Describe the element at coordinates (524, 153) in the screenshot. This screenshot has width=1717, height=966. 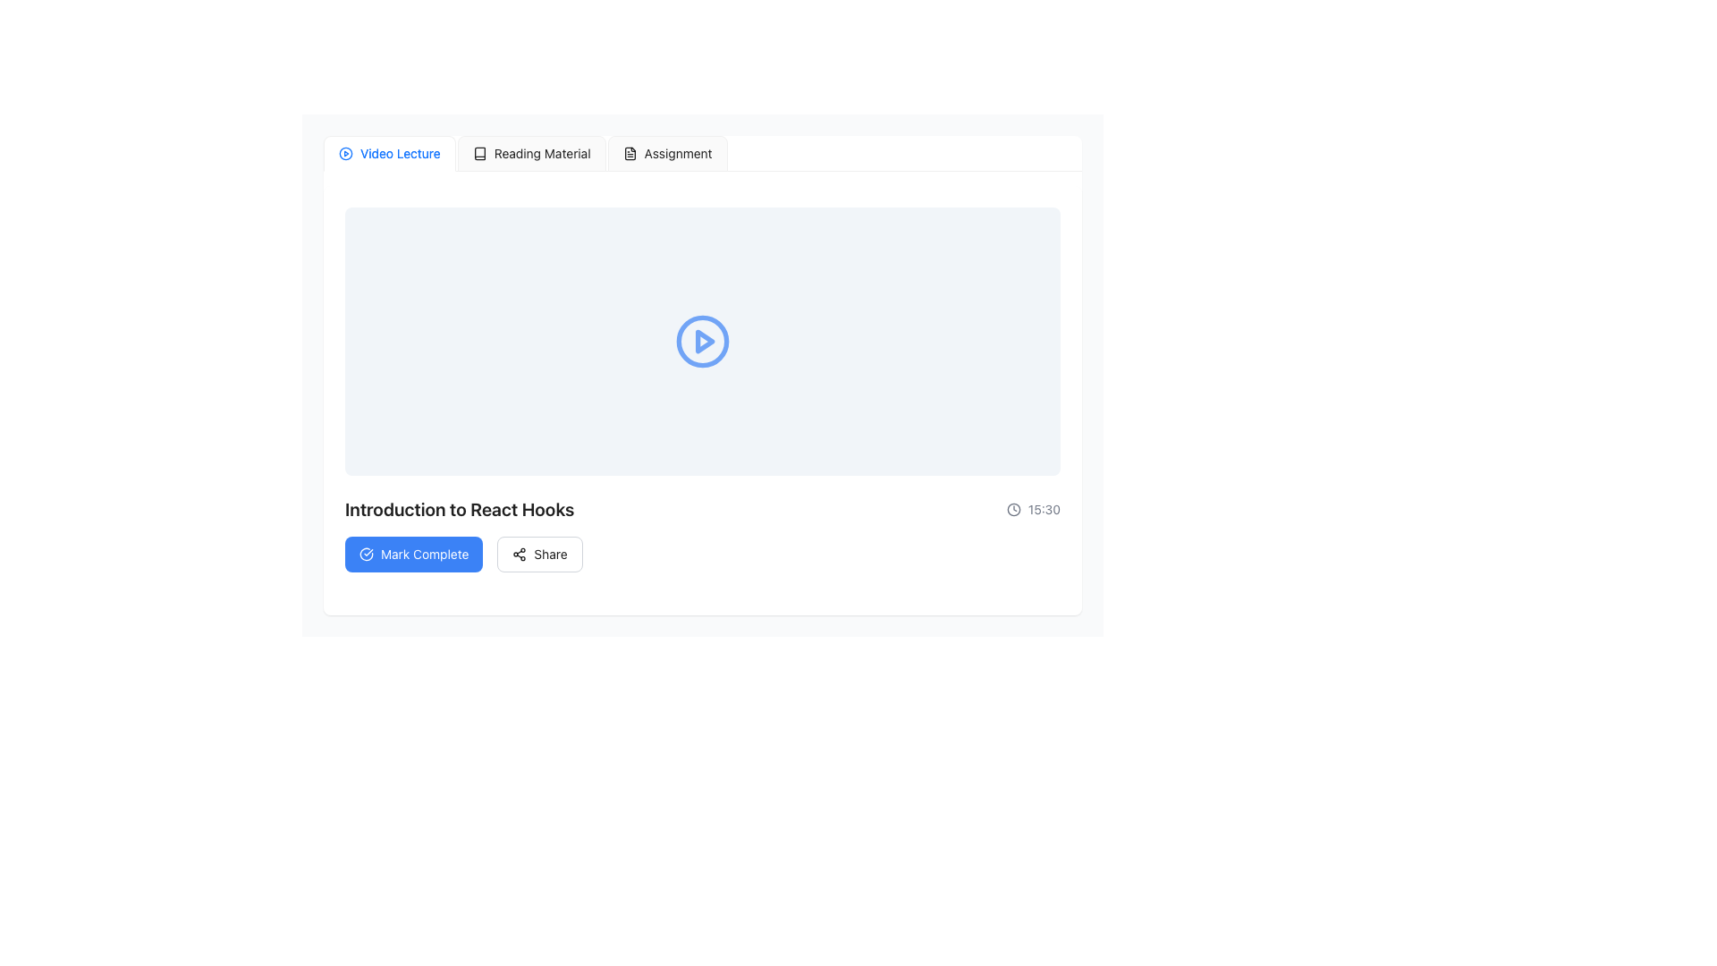
I see `the 'Reading Material' tab located in the middle of three tabs at the top of the interface` at that location.